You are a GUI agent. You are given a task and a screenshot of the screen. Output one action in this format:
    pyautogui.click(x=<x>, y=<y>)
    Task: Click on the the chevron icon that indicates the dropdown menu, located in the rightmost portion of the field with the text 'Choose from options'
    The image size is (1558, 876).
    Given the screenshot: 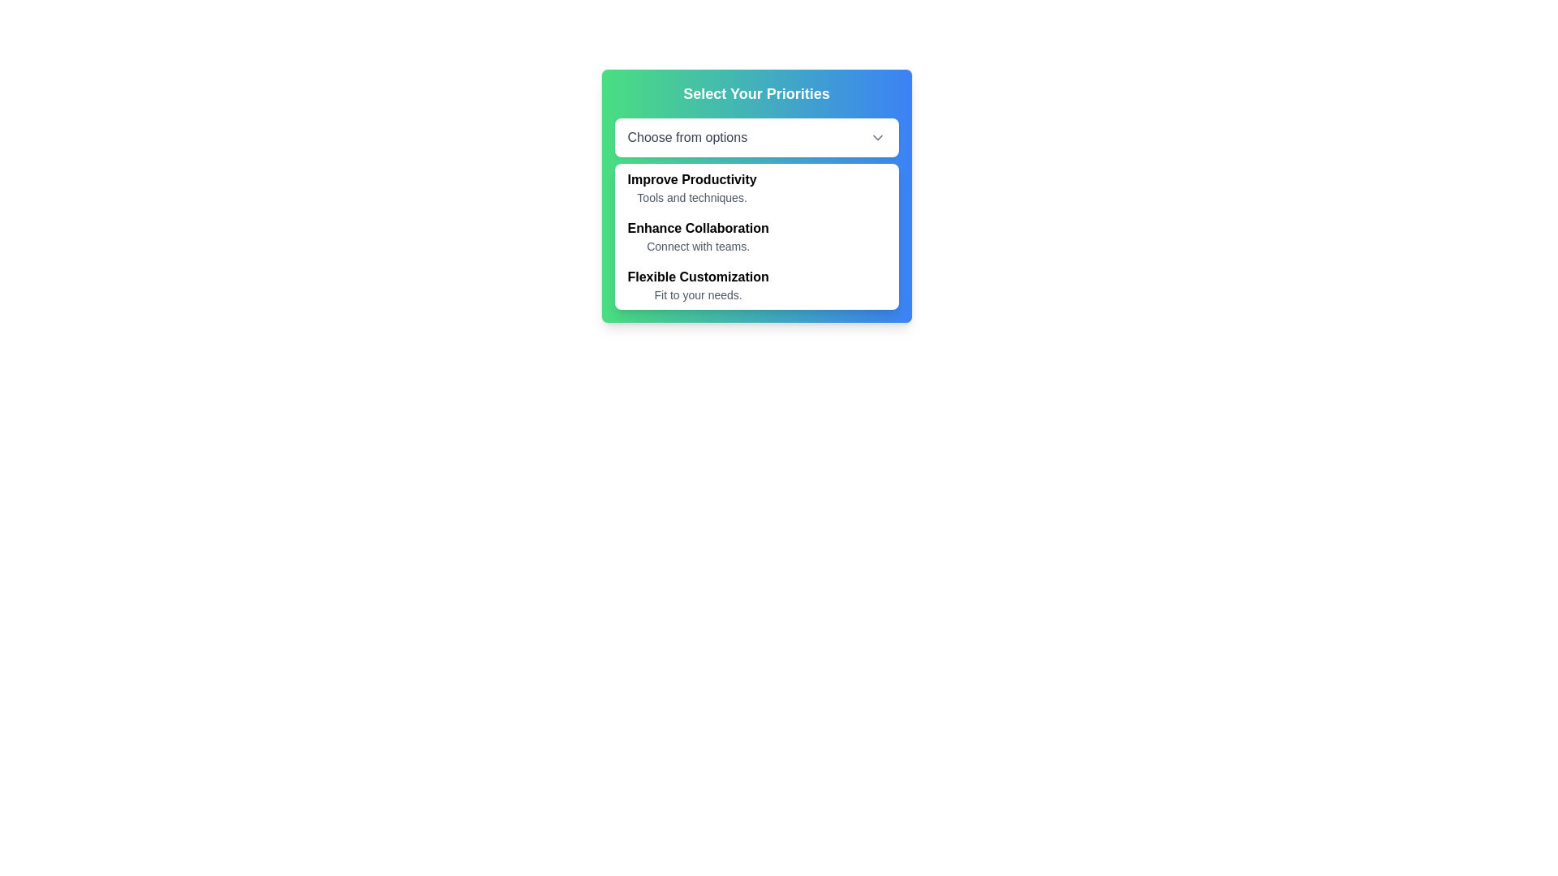 What is the action you would take?
    pyautogui.click(x=876, y=136)
    